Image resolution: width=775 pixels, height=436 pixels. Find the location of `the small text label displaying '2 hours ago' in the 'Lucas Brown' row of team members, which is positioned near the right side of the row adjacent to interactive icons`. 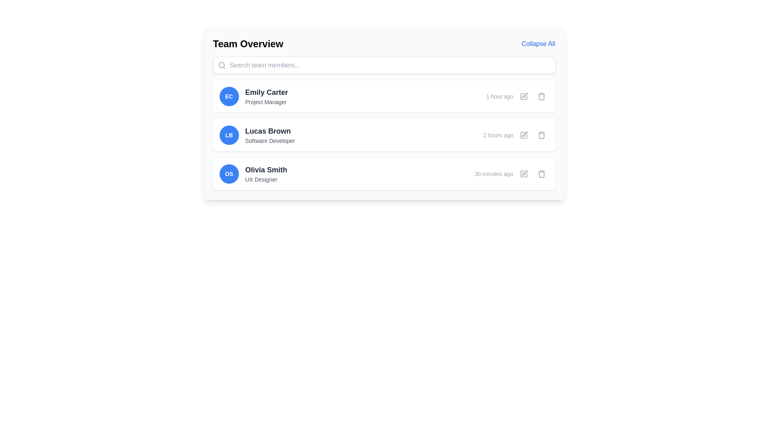

the small text label displaying '2 hours ago' in the 'Lucas Brown' row of team members, which is positioned near the right side of the row adjacent to interactive icons is located at coordinates (498, 135).